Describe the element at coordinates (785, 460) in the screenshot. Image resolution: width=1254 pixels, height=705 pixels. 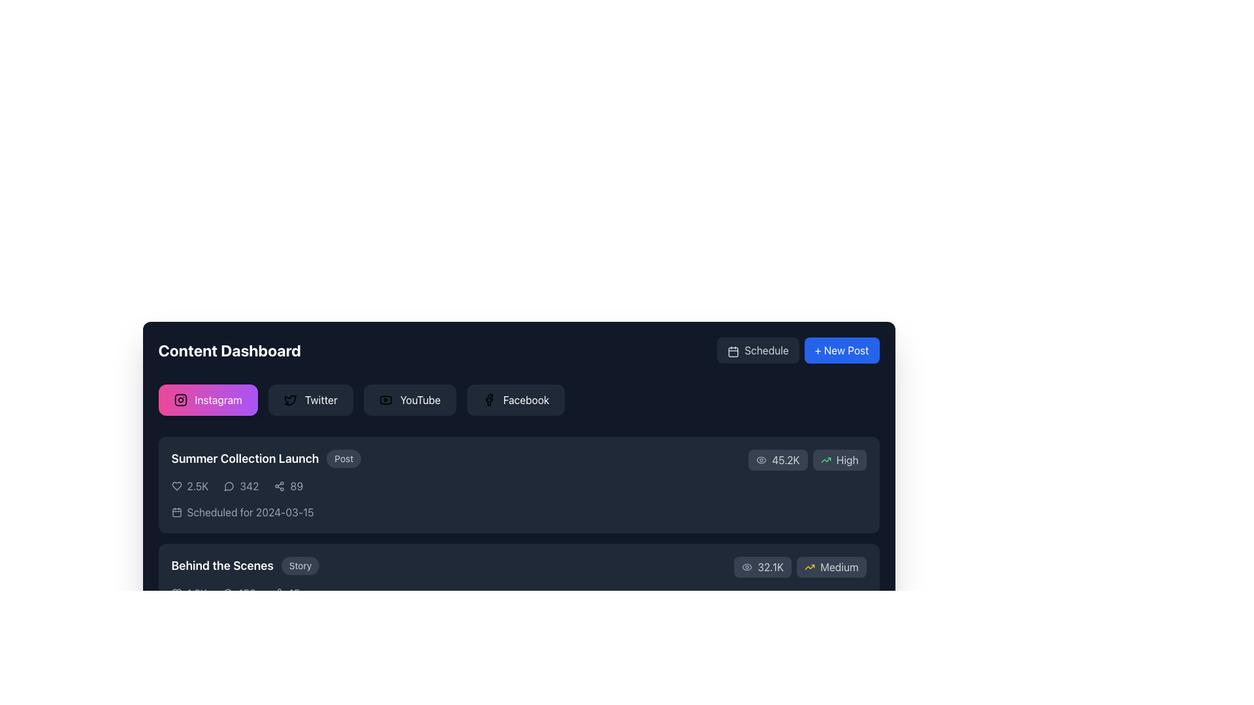
I see `the text display showing the numerical value '45.2K' located in the upper right area of the associated card or panel, styled with a gray color on a dark background` at that location.